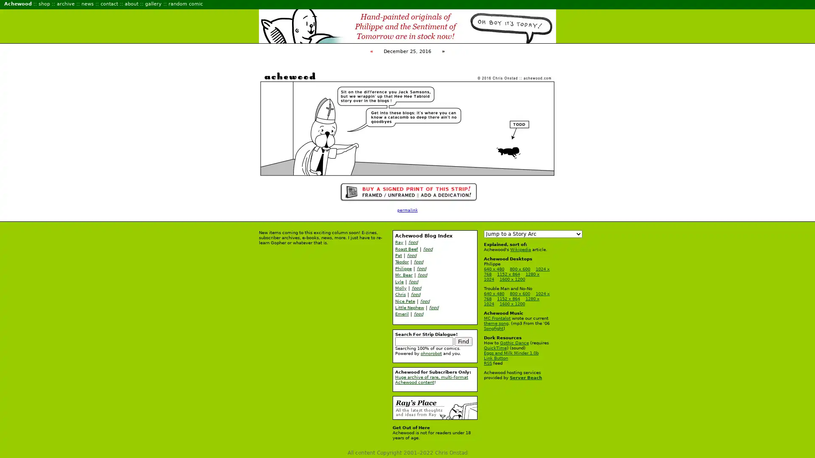 The width and height of the screenshot is (815, 458). What do you see at coordinates (463, 341) in the screenshot?
I see `Find` at bounding box center [463, 341].